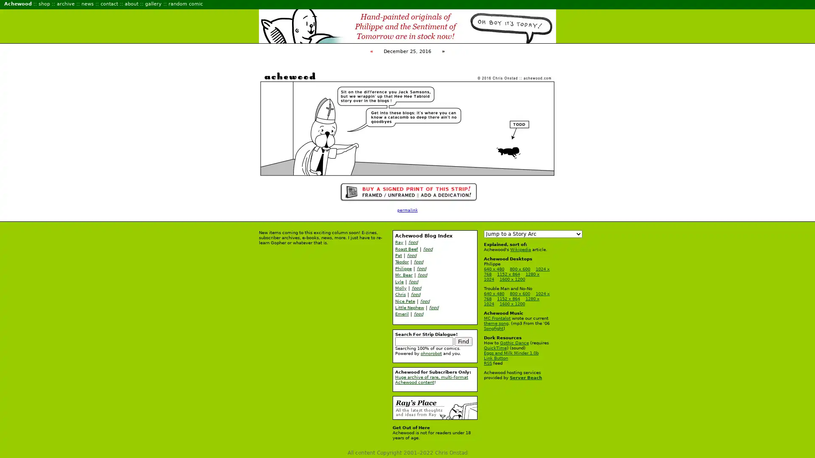 The width and height of the screenshot is (815, 458). What do you see at coordinates (463, 341) in the screenshot?
I see `Find` at bounding box center [463, 341].